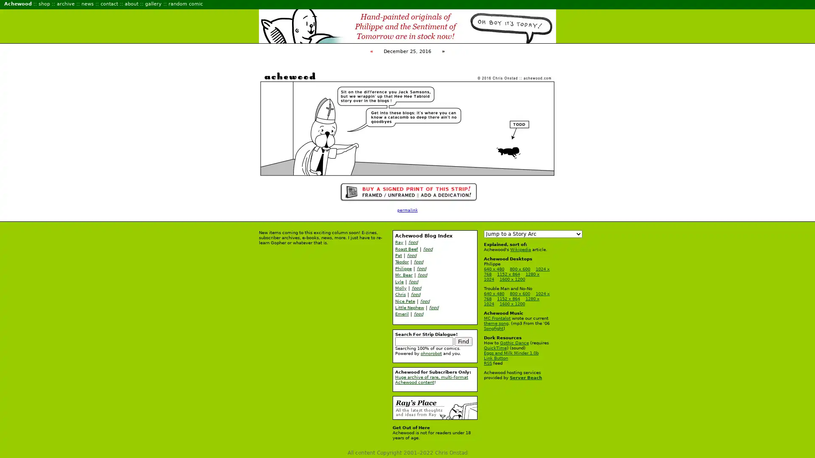 The width and height of the screenshot is (815, 458). What do you see at coordinates (463, 341) in the screenshot?
I see `Find` at bounding box center [463, 341].